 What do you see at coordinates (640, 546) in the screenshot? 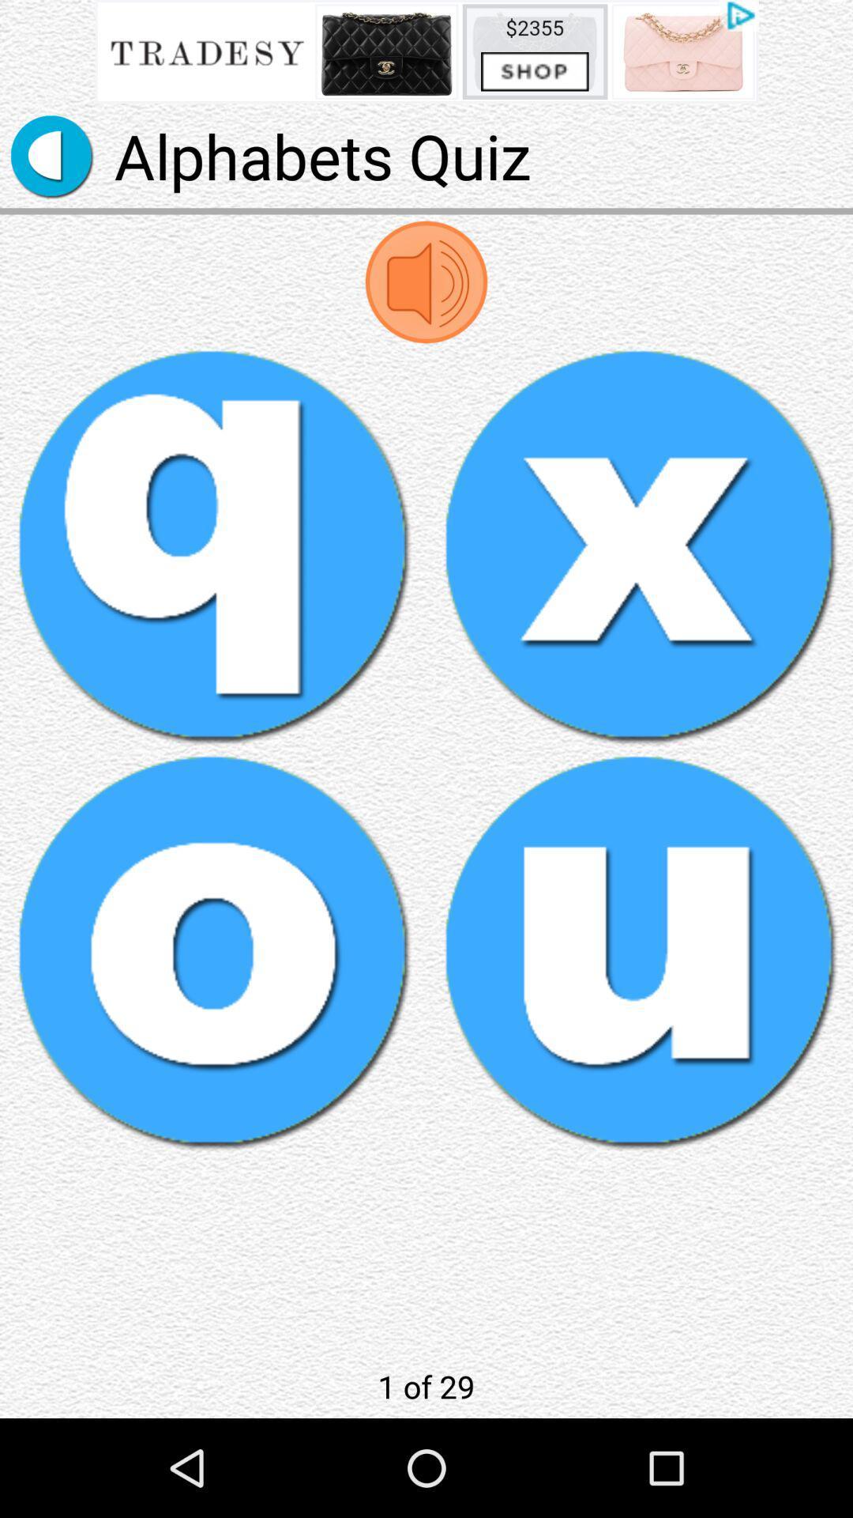
I see `x` at bounding box center [640, 546].